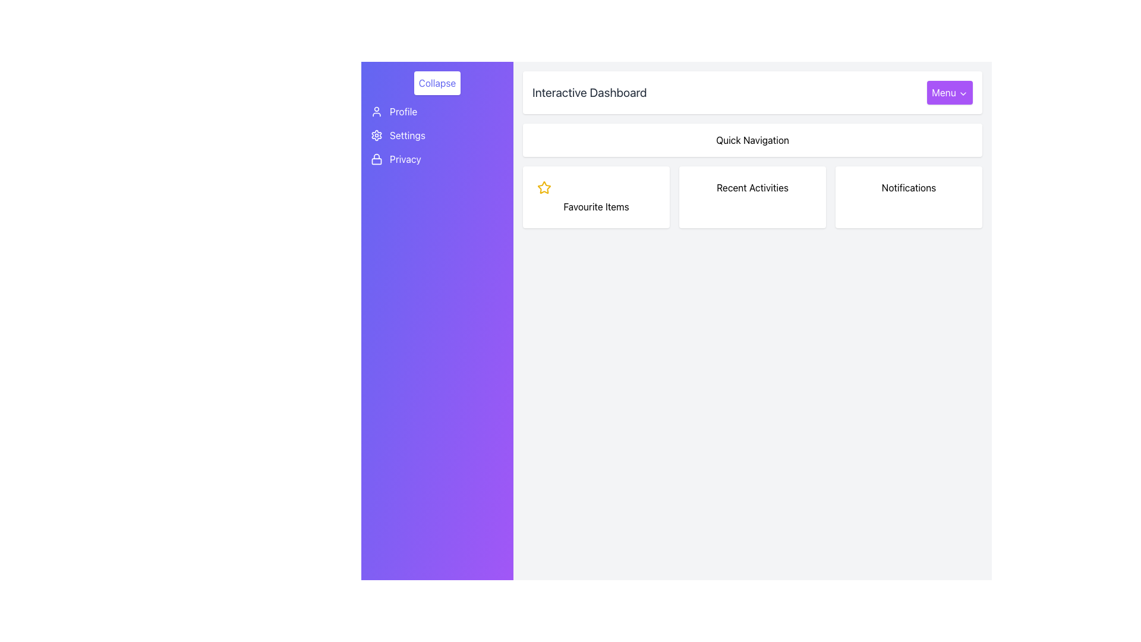 The height and width of the screenshot is (642, 1141). What do you see at coordinates (752, 139) in the screenshot?
I see `label 'Quick Navigation' from the prominent rectangular text field located beneath the 'Interactive Dashboard' section` at bounding box center [752, 139].